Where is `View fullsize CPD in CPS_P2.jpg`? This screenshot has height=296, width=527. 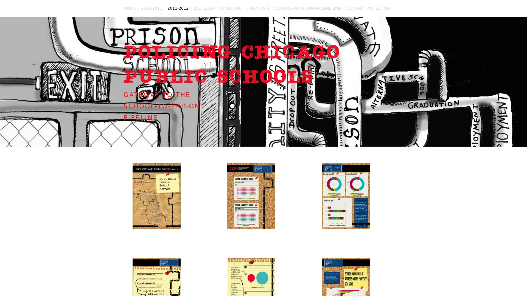
View fullsize CPD in CPS_P2.jpg is located at coordinates (263, 208).